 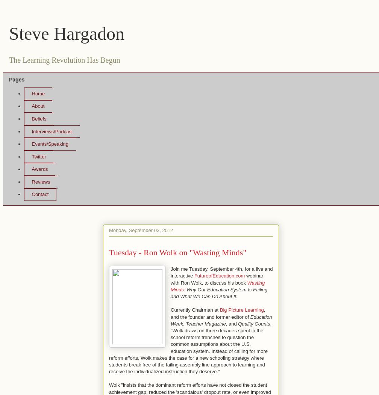 I want to click on 'Reviews', so click(x=41, y=181).